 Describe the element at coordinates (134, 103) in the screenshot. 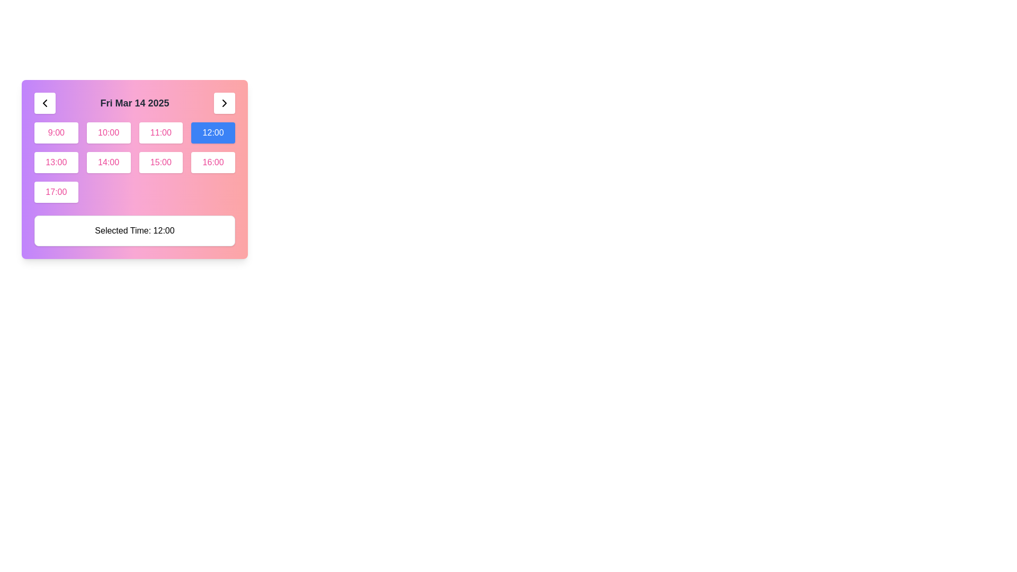

I see `the bold text label displaying the date 'Fri Mar 14 2025', which is centrally located in the header section between navigation buttons` at that location.